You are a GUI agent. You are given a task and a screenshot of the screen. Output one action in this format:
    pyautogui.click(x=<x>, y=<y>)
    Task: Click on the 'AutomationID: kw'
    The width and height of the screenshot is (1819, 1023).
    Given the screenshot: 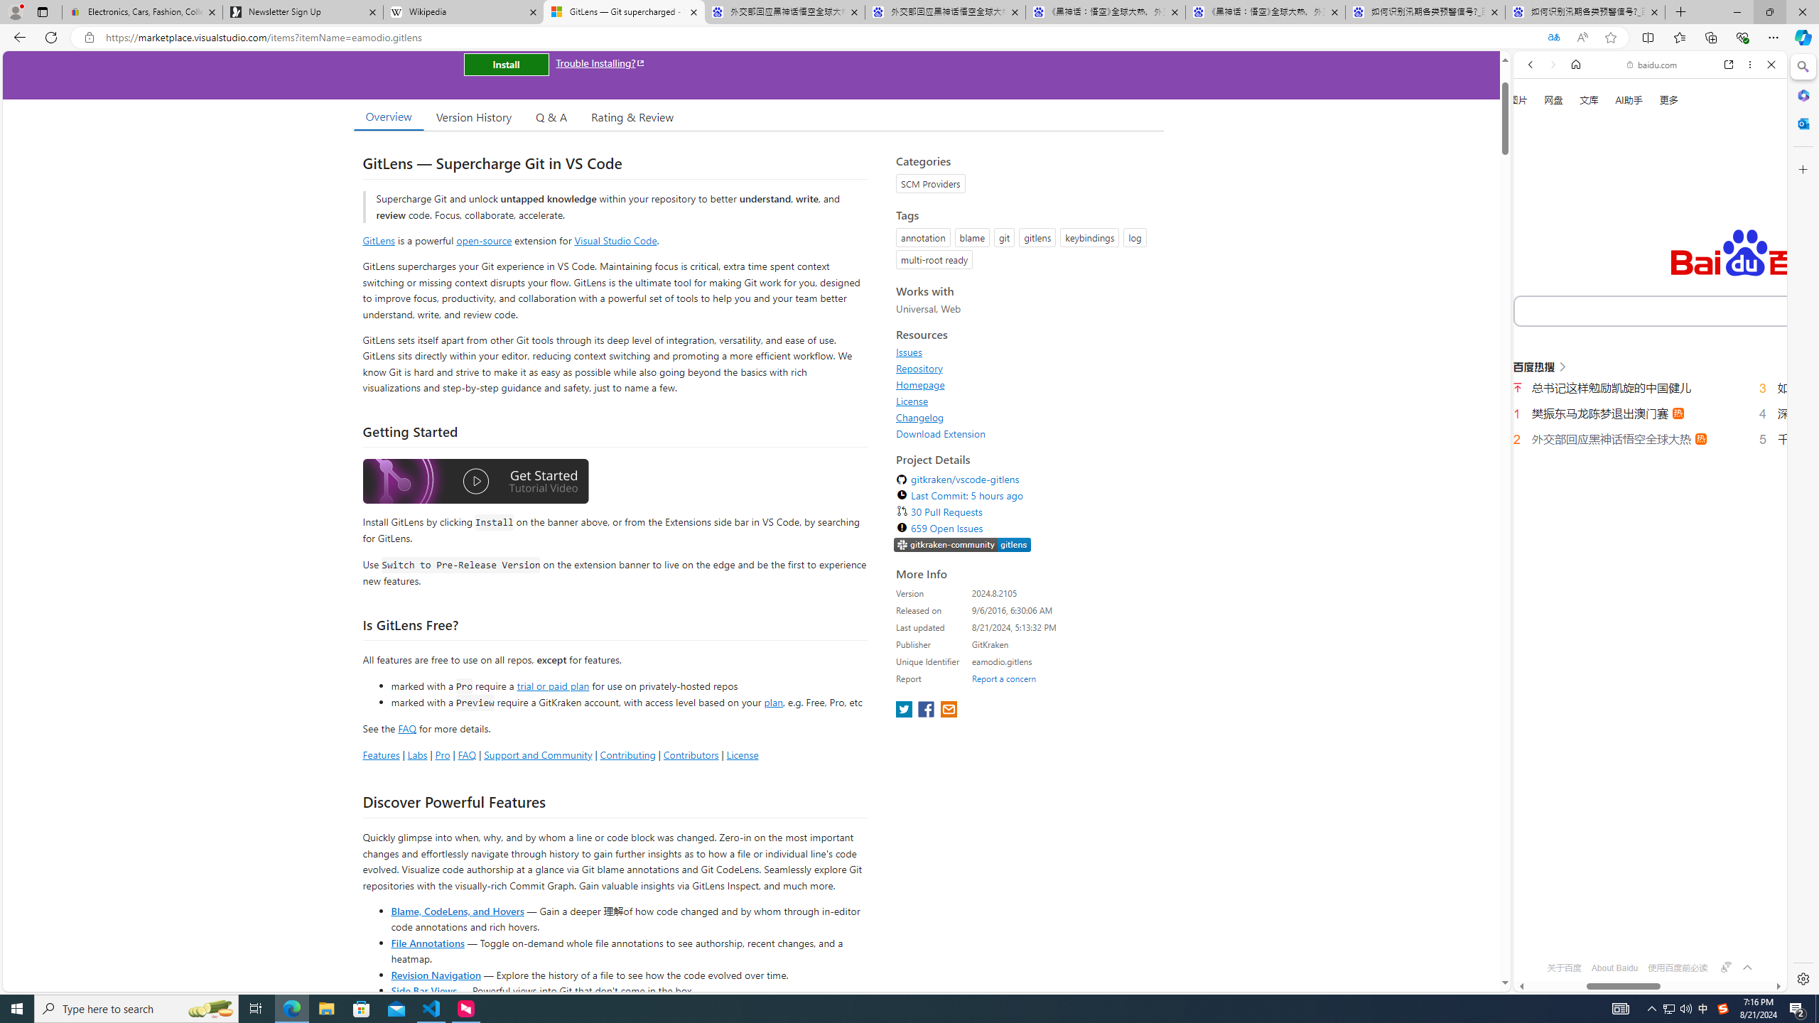 What is the action you would take?
    pyautogui.click(x=1709, y=310)
    